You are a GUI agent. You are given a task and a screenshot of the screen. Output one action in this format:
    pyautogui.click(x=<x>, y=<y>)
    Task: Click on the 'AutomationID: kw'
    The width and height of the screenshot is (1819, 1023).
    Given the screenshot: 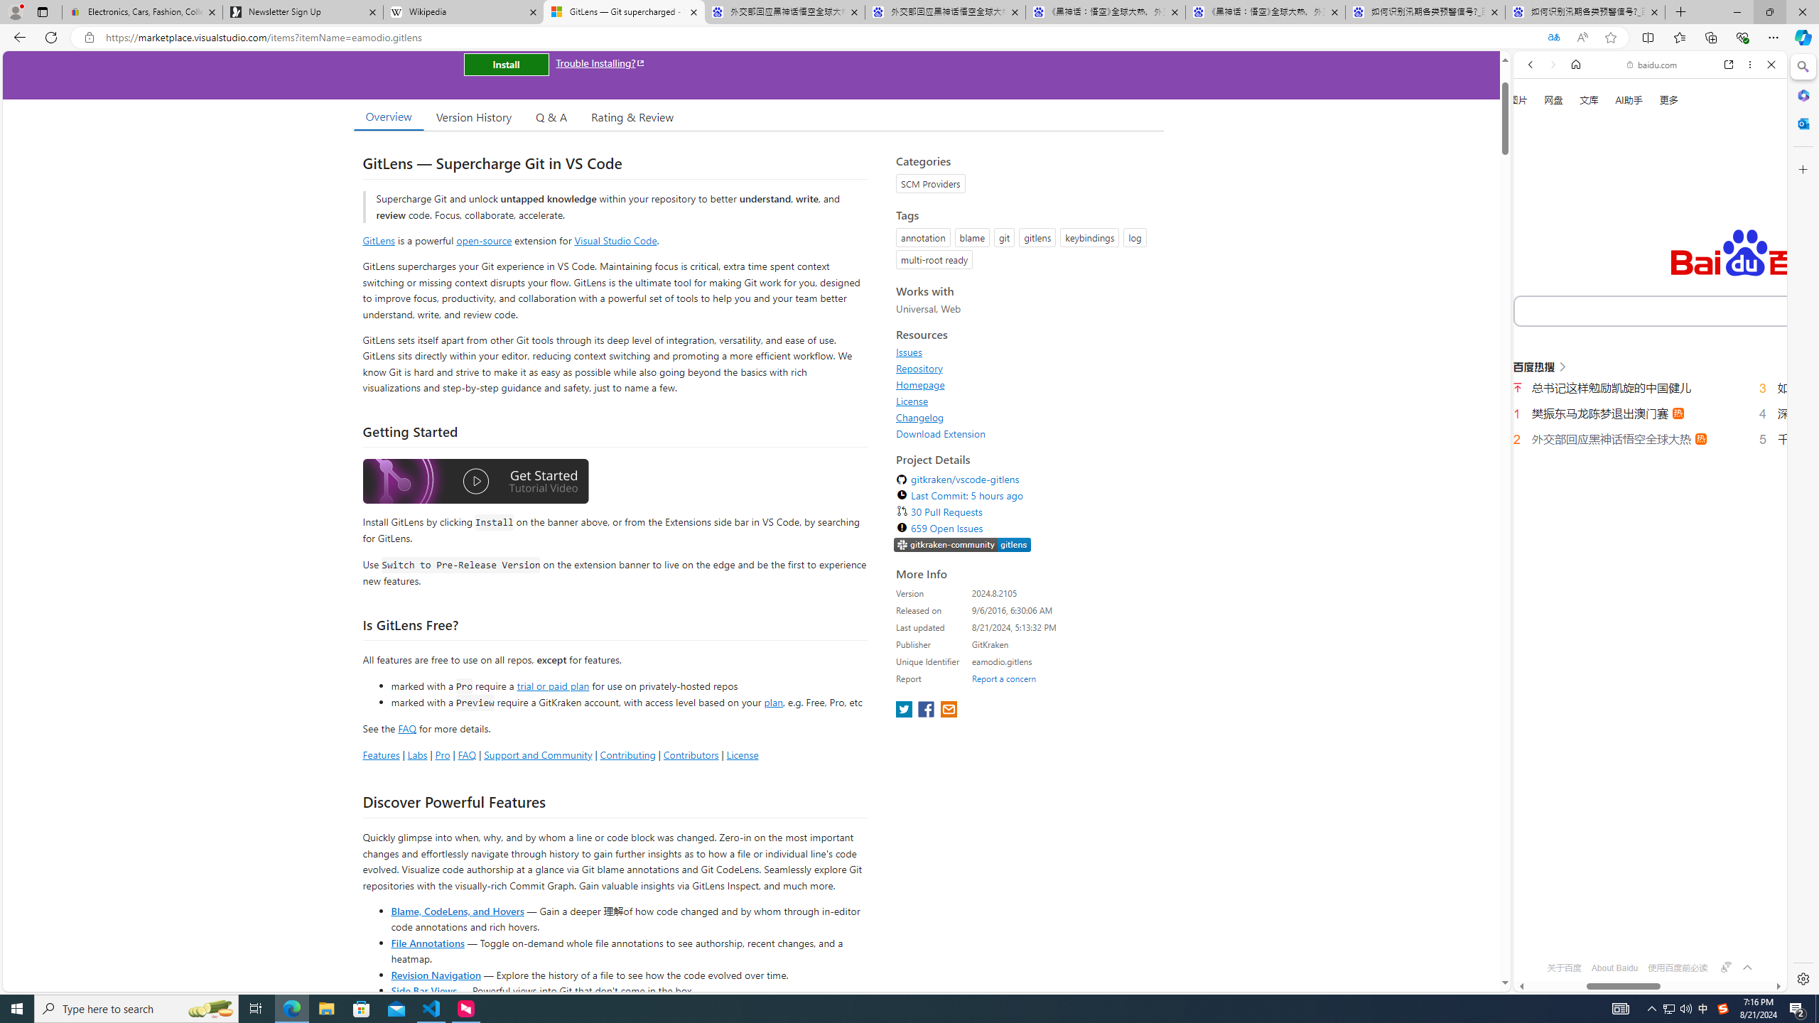 What is the action you would take?
    pyautogui.click(x=1709, y=310)
    